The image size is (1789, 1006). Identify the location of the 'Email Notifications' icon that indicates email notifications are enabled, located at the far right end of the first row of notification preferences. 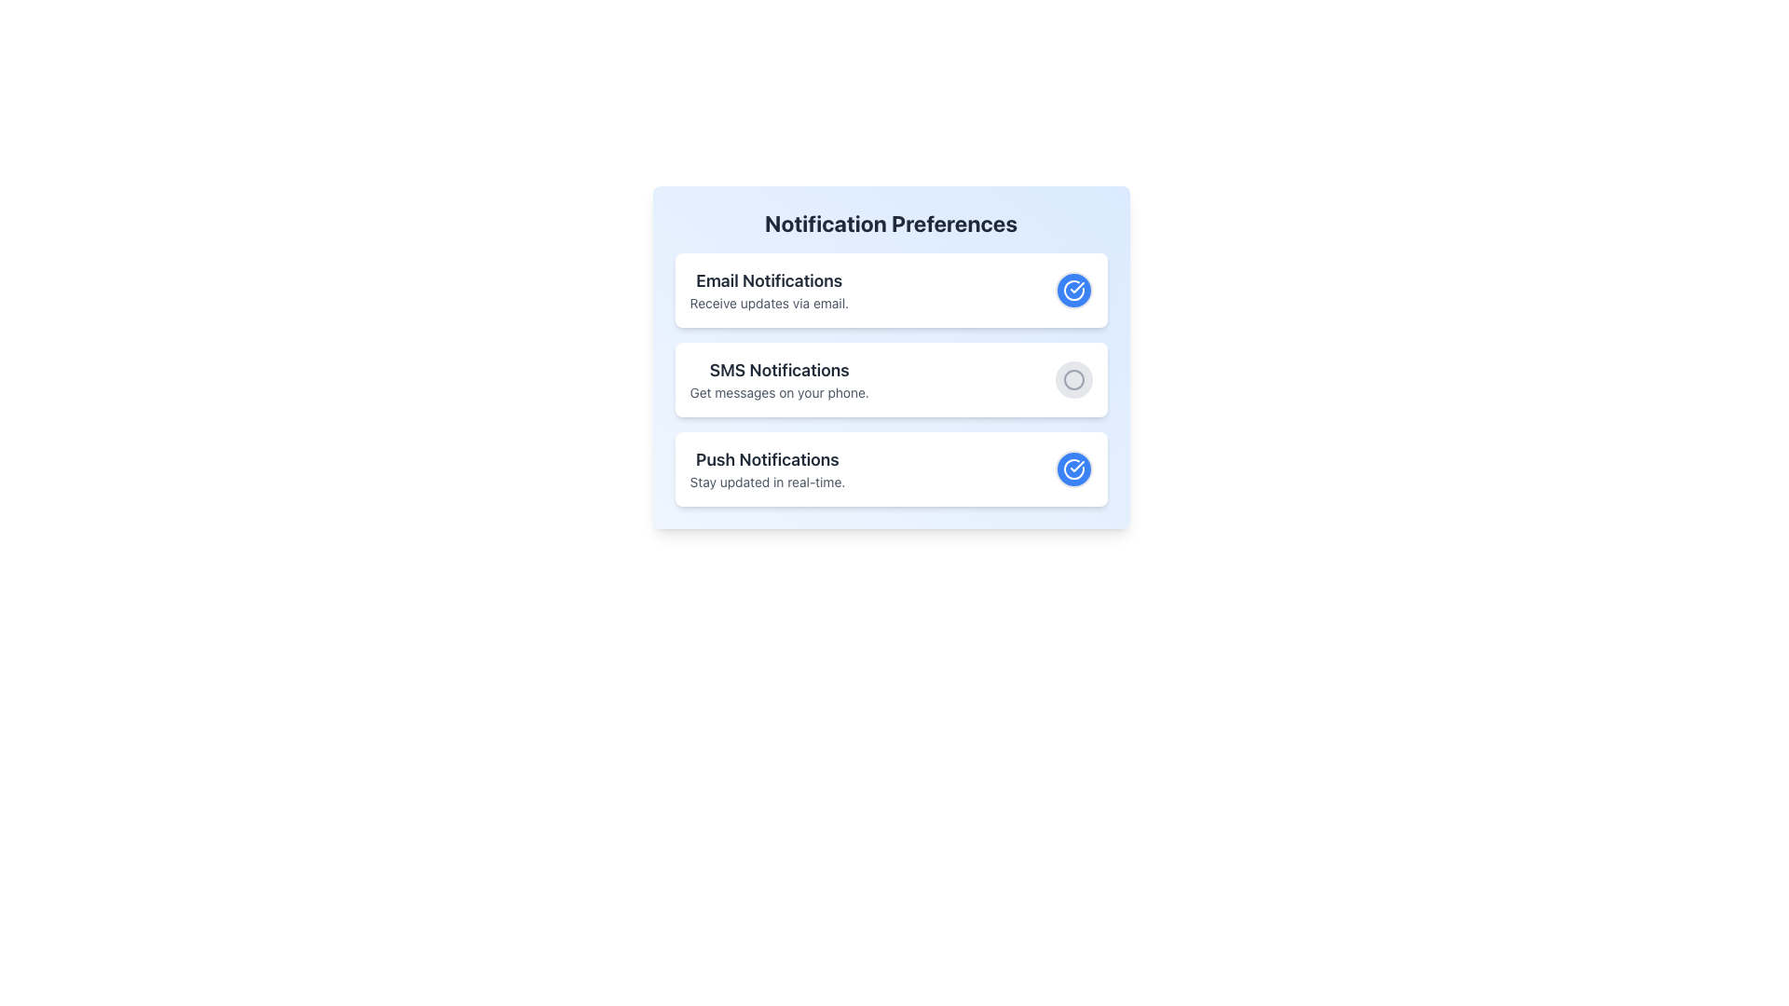
(1073, 291).